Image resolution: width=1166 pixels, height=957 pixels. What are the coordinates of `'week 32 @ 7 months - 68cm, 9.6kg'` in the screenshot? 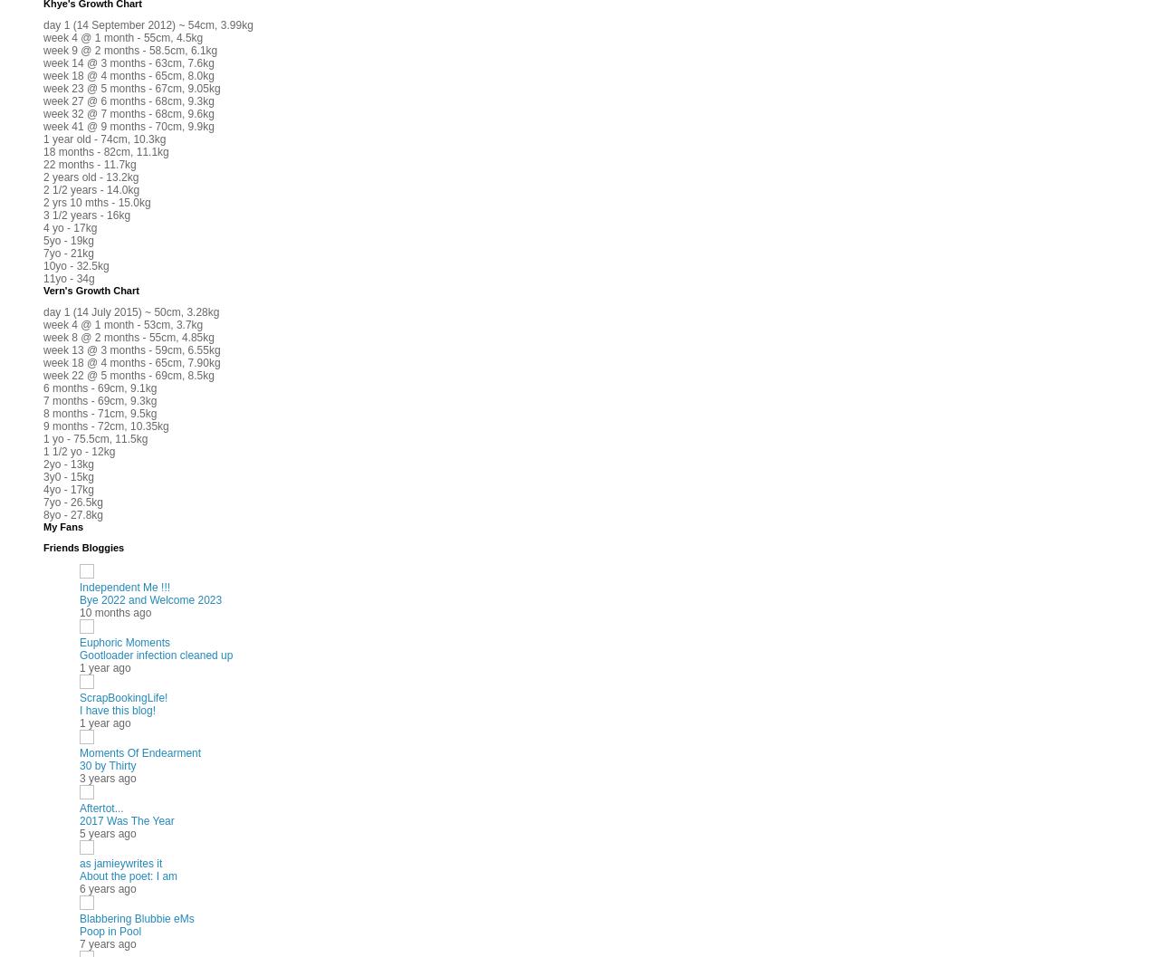 It's located at (128, 112).